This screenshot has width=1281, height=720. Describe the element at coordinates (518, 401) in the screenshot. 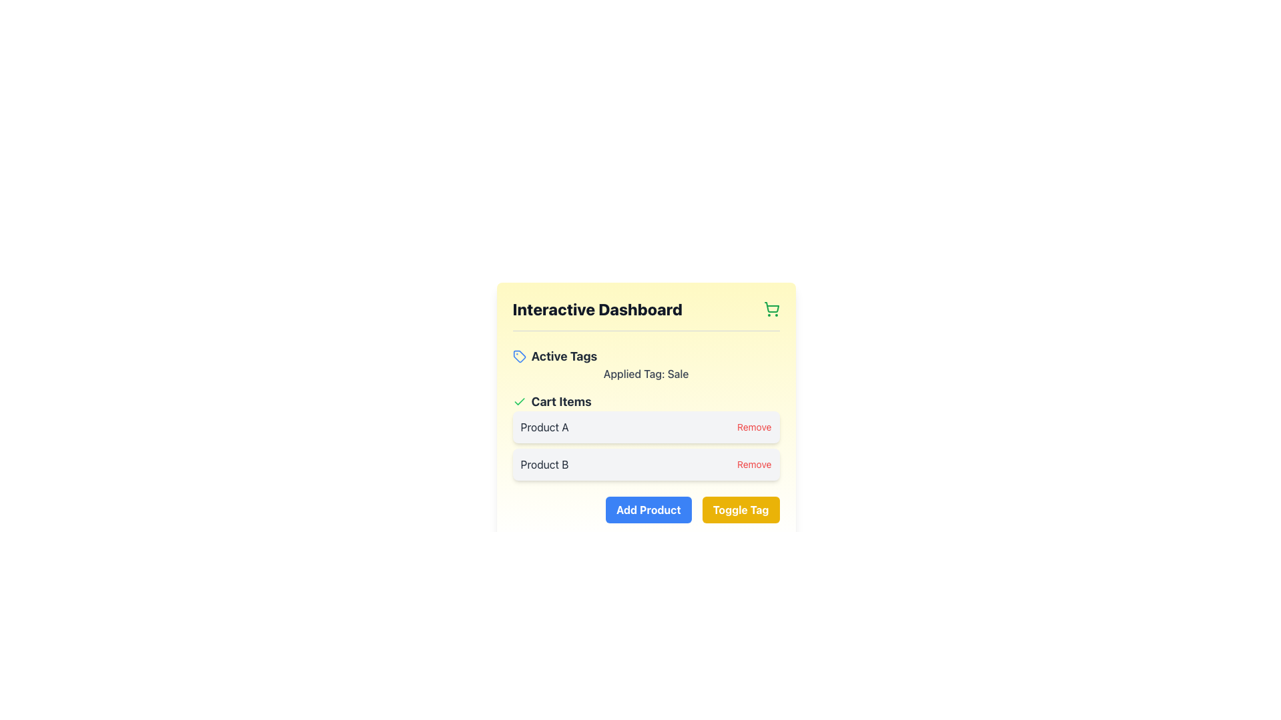

I see `the green checkmark icon located to the left of the 'Cart Items' text in the header section of the 'Cart Items' group` at that location.